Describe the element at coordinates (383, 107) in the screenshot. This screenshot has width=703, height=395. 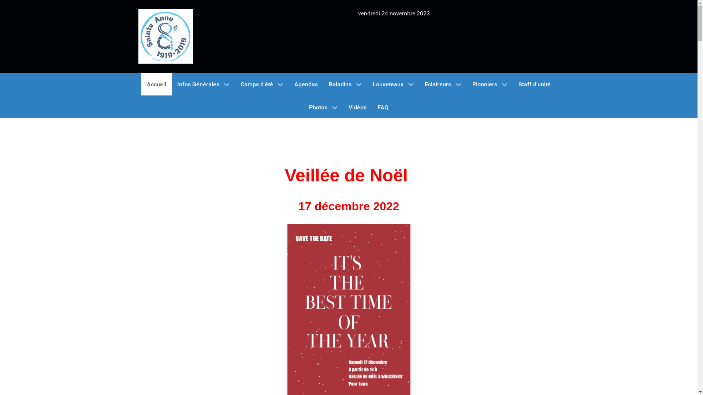
I see `'FAQ'` at that location.